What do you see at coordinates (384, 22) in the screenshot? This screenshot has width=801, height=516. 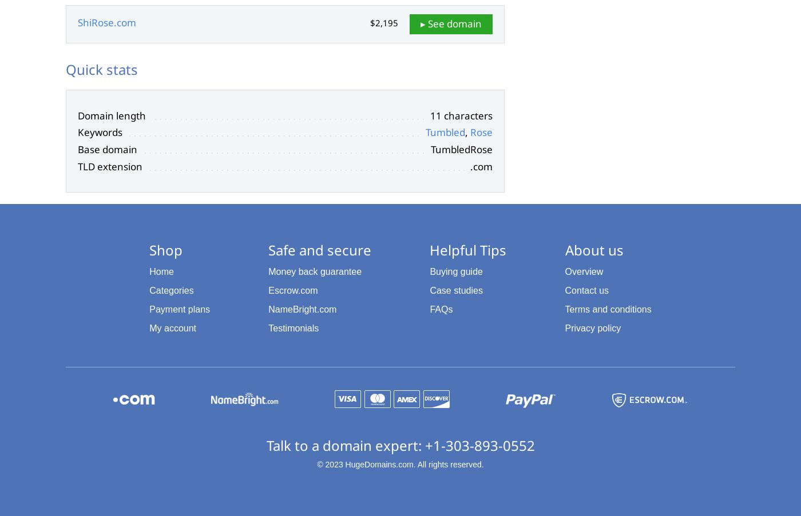 I see `'$2,195'` at bounding box center [384, 22].